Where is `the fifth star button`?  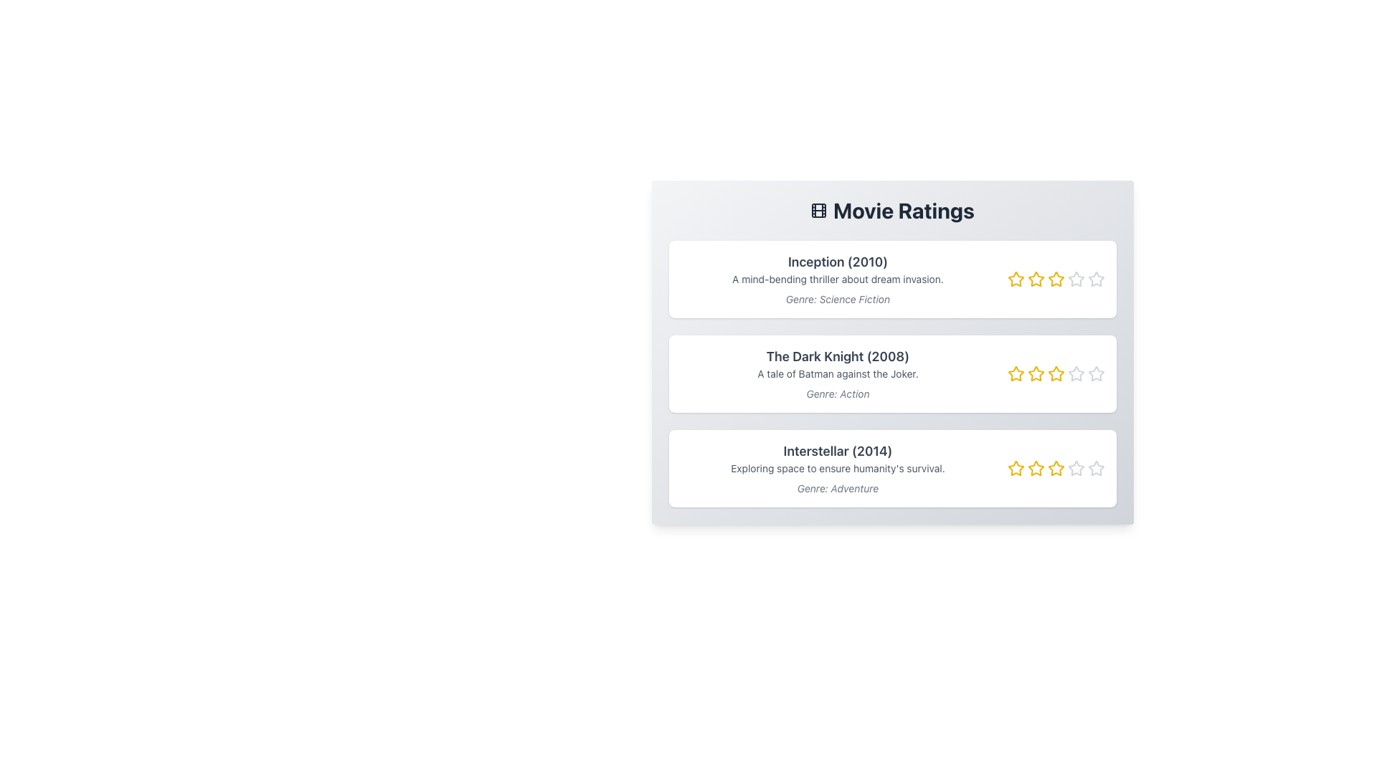 the fifth star button is located at coordinates (1095, 279).